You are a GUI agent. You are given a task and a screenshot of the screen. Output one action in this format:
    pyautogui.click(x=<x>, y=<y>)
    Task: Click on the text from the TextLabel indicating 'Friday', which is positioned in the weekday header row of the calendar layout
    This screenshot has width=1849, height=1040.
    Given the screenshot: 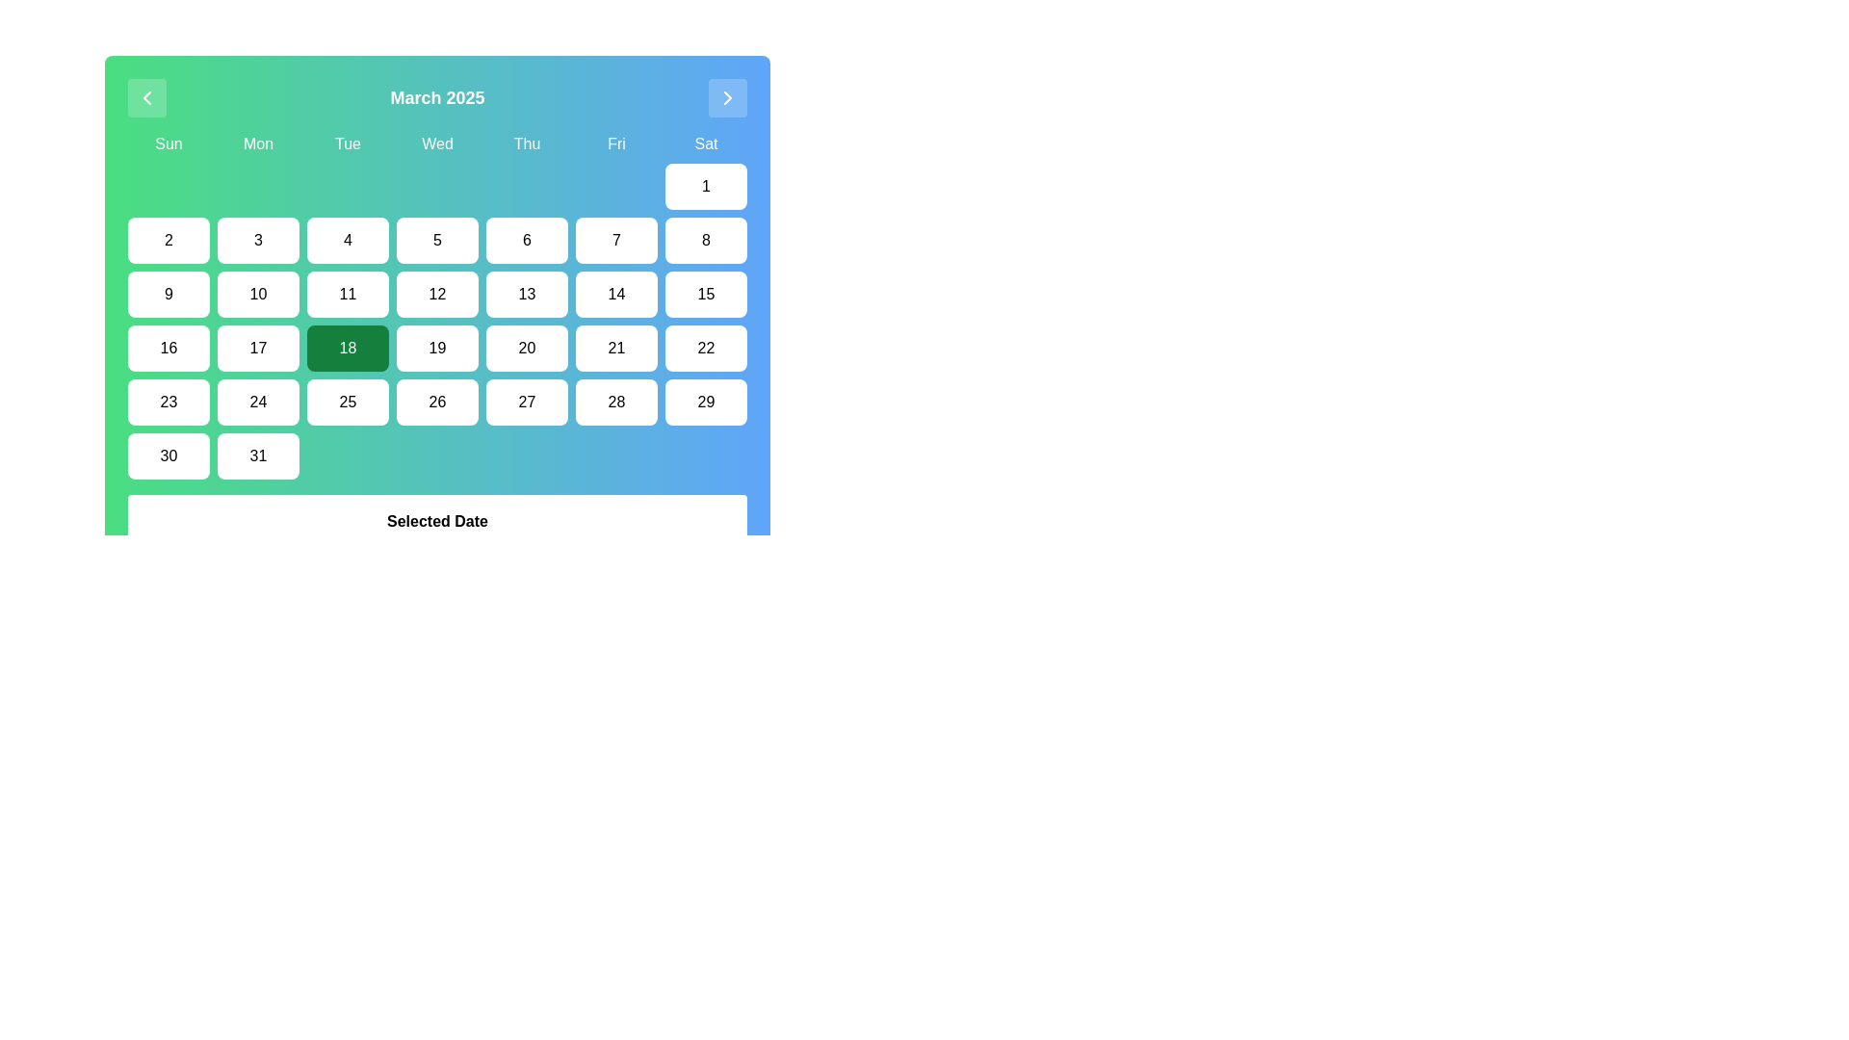 What is the action you would take?
    pyautogui.click(x=616, y=143)
    